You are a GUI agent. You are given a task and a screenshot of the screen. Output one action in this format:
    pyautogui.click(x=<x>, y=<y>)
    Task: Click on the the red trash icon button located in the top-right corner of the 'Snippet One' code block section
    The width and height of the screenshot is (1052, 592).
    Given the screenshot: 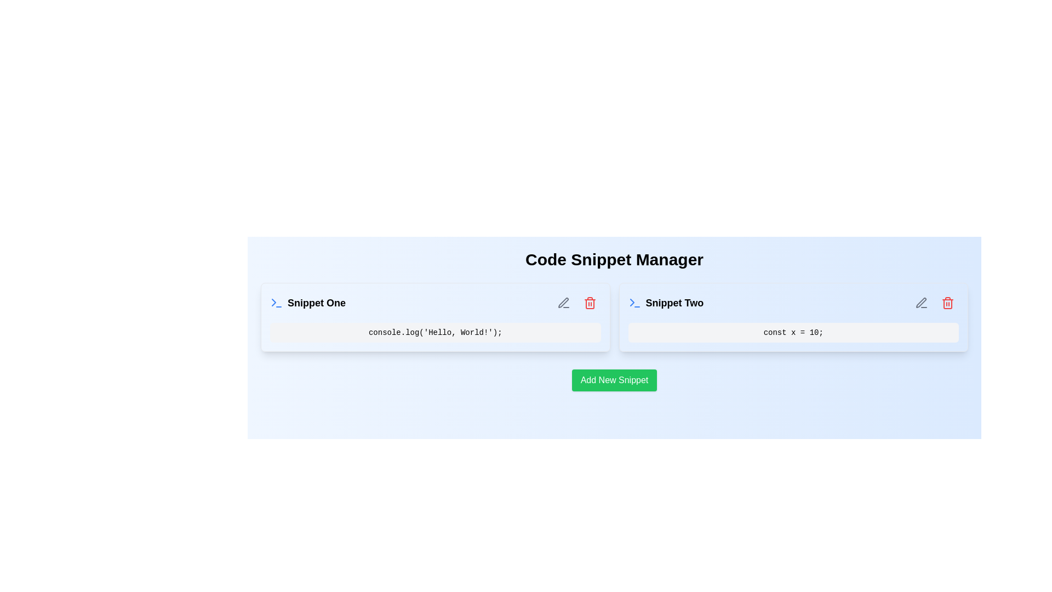 What is the action you would take?
    pyautogui.click(x=589, y=303)
    